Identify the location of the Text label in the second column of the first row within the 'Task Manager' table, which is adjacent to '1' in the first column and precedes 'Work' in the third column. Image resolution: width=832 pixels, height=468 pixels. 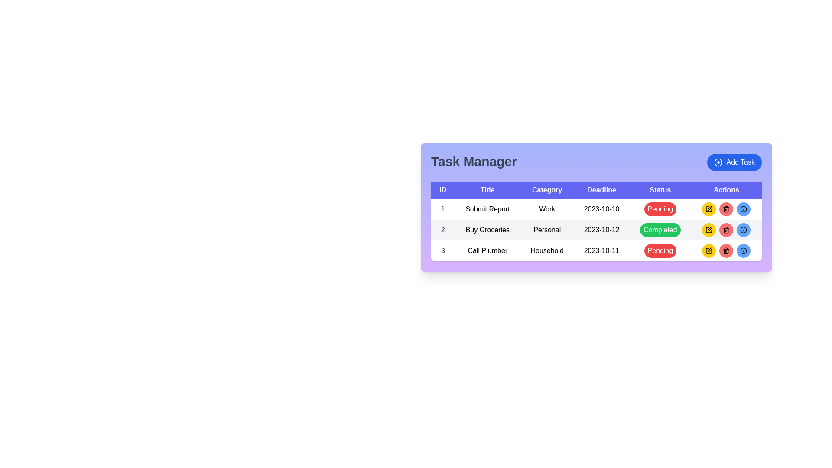
(487, 209).